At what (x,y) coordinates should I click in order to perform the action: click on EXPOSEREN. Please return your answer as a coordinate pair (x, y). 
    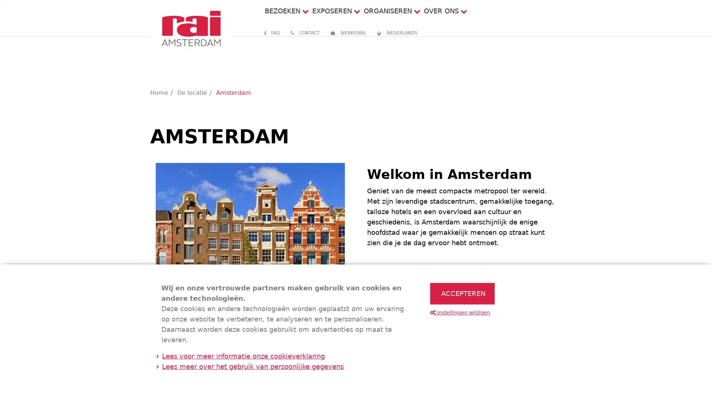
    Looking at the image, I should click on (331, 11).